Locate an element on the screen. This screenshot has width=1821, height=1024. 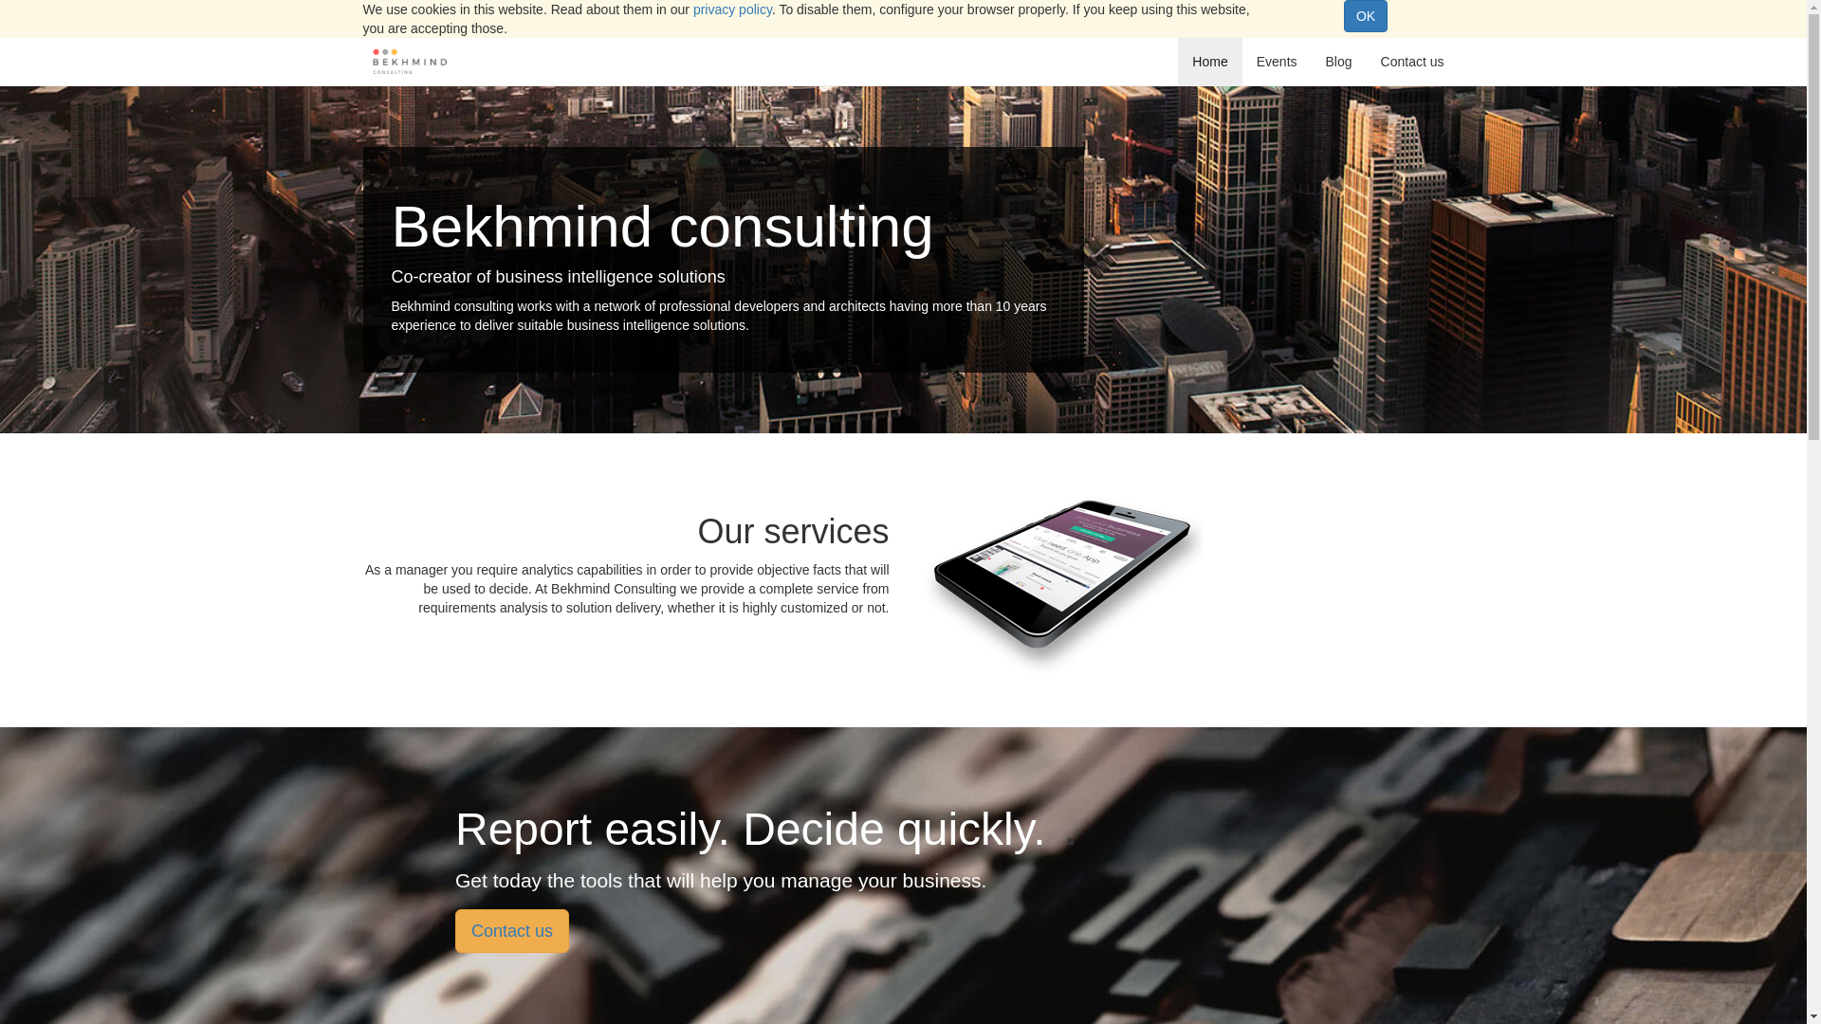
'Blog' is located at coordinates (1337, 61).